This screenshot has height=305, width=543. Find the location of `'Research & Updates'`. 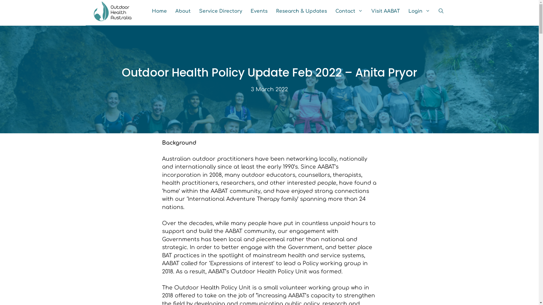

'Research & Updates' is located at coordinates (301, 11).